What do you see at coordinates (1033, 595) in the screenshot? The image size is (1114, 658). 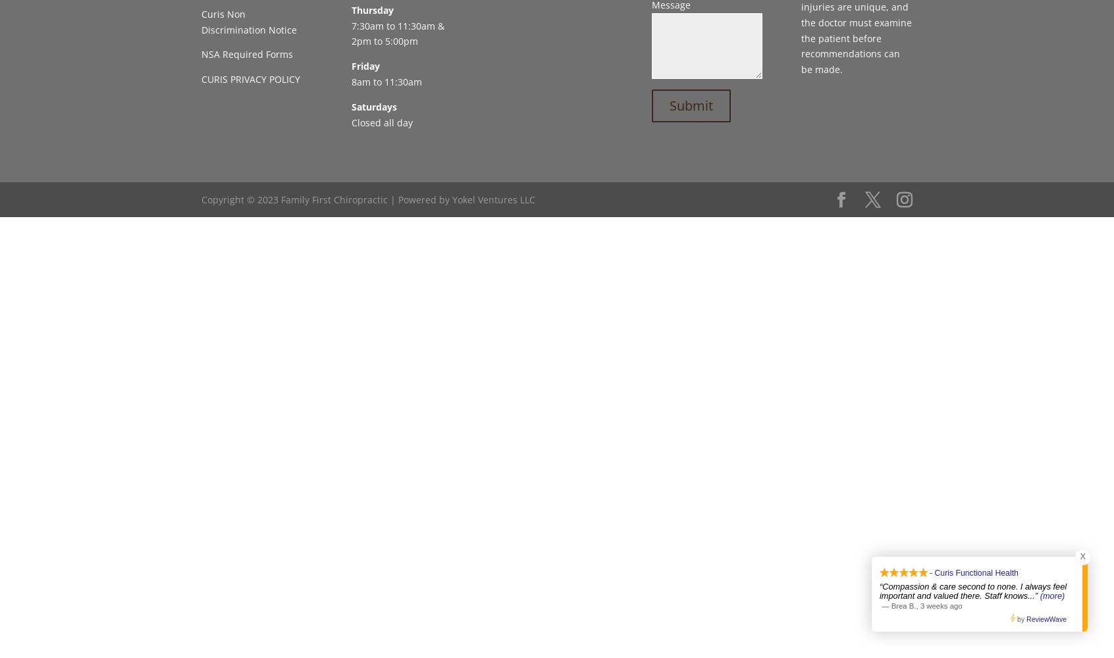 I see `'...”'` at bounding box center [1033, 595].